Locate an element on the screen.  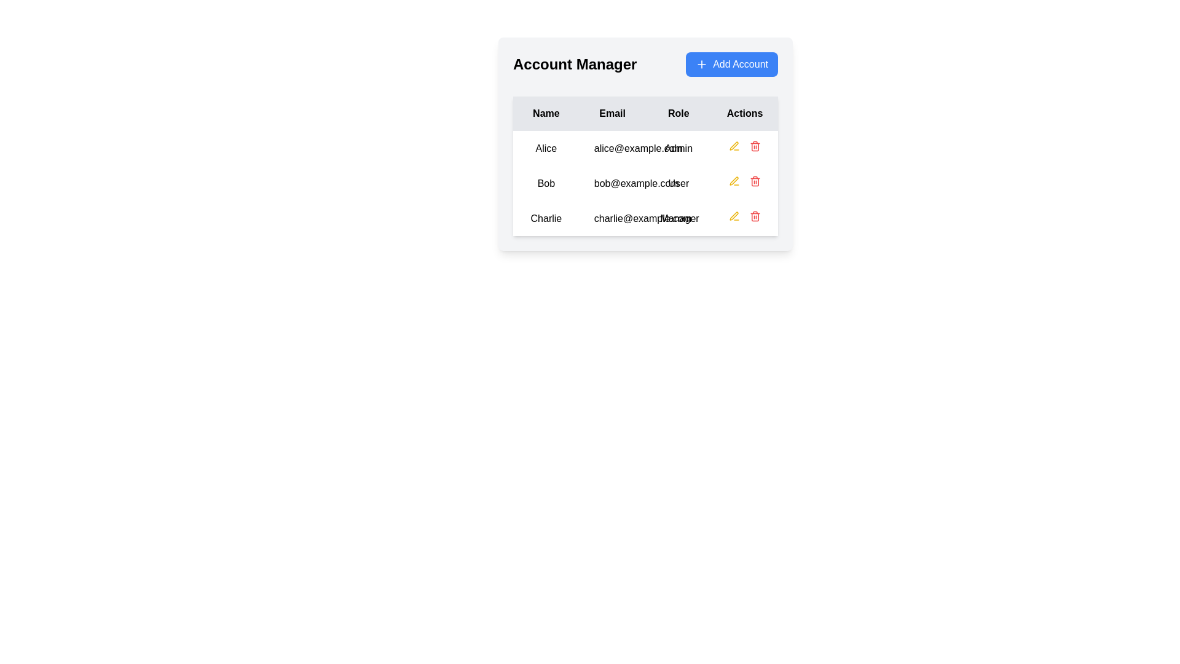
the column headers of the 'Account Manager' data table to sort the table is located at coordinates (645, 143).